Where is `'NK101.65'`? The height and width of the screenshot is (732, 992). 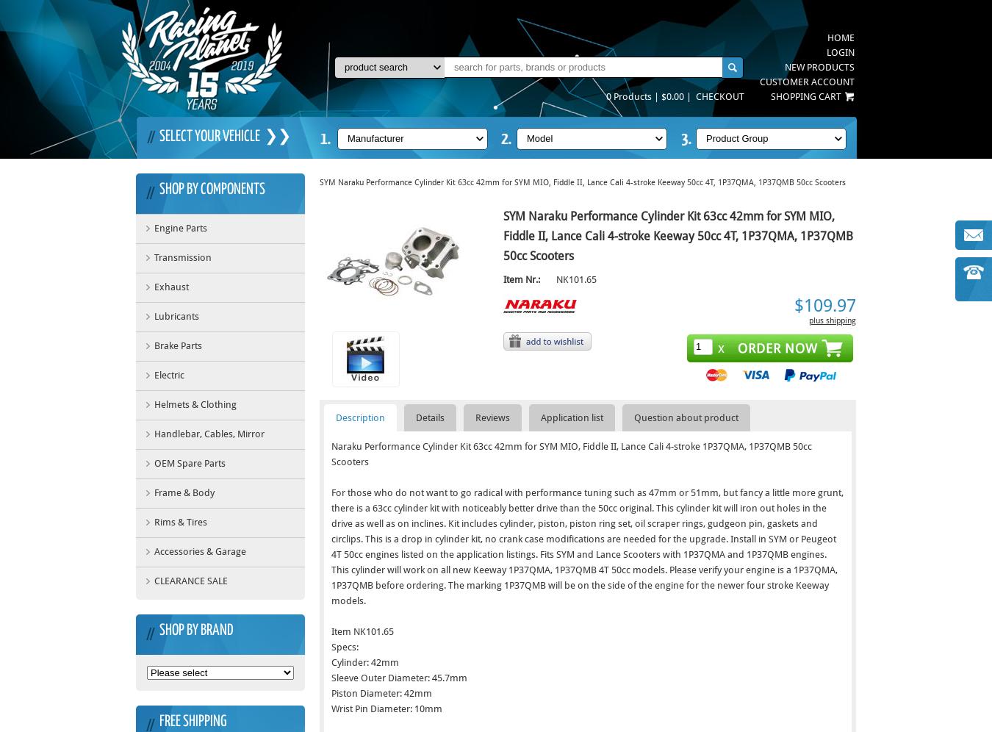 'NK101.65' is located at coordinates (575, 278).